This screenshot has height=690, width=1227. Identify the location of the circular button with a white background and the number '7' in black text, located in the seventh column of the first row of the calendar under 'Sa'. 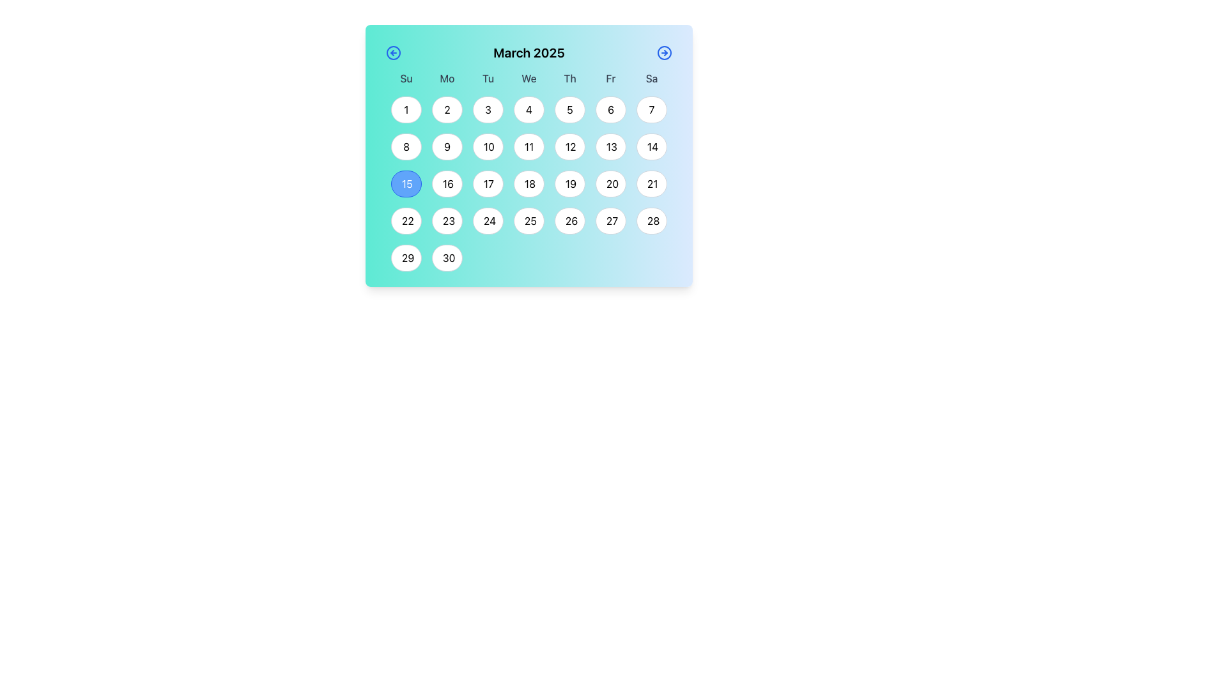
(651, 109).